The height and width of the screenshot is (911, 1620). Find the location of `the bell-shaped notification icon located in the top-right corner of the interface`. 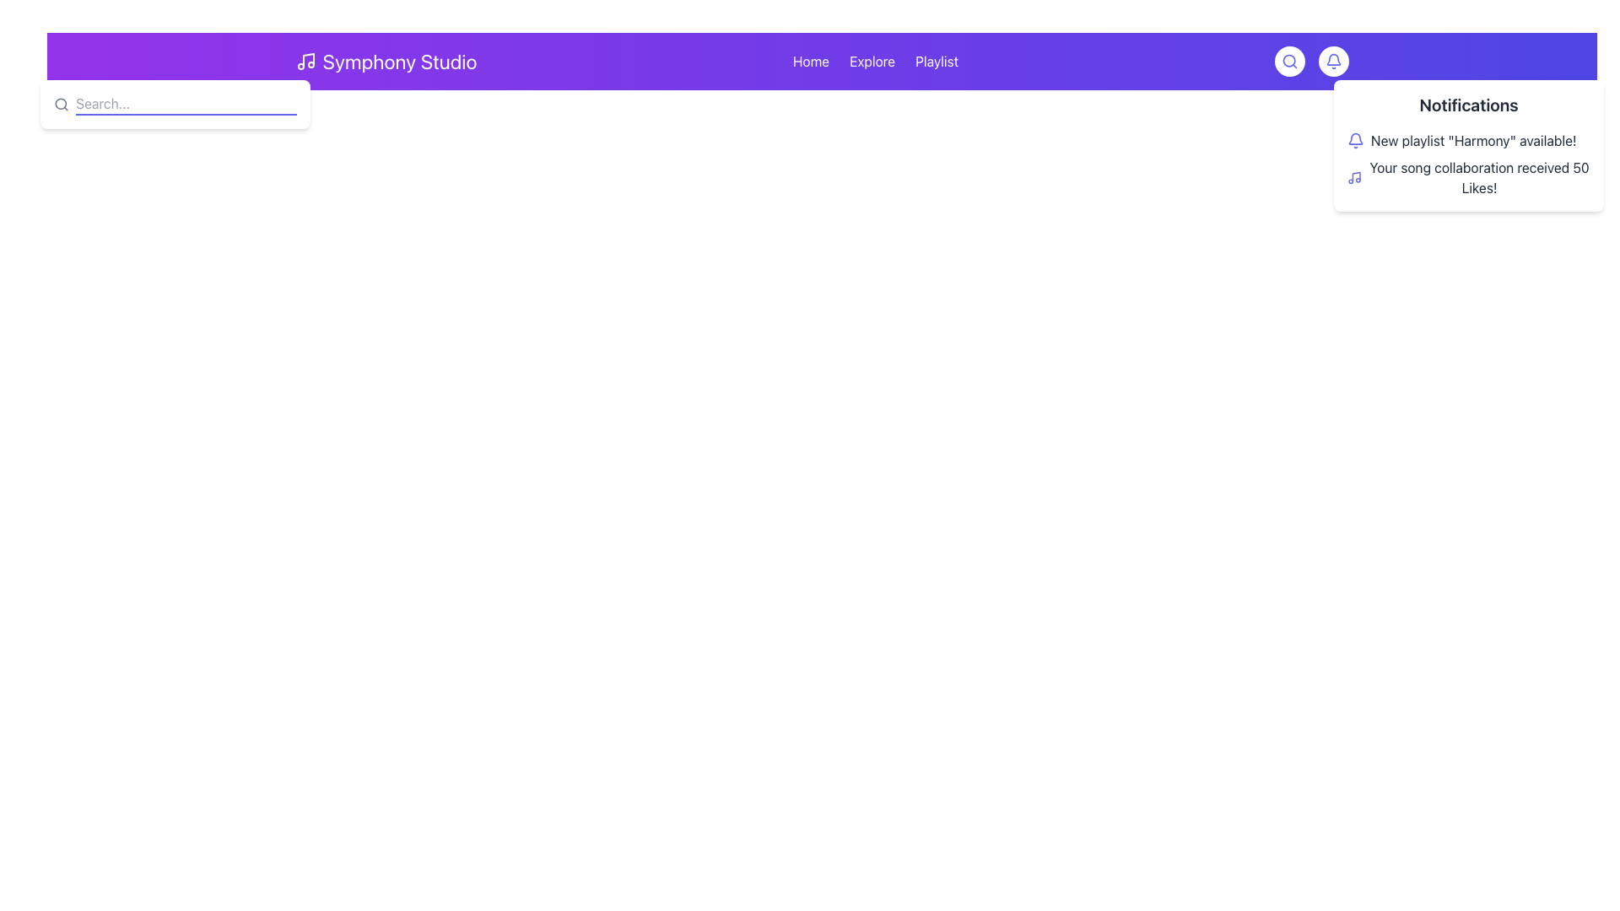

the bell-shaped notification icon located in the top-right corner of the interface is located at coordinates (1332, 61).